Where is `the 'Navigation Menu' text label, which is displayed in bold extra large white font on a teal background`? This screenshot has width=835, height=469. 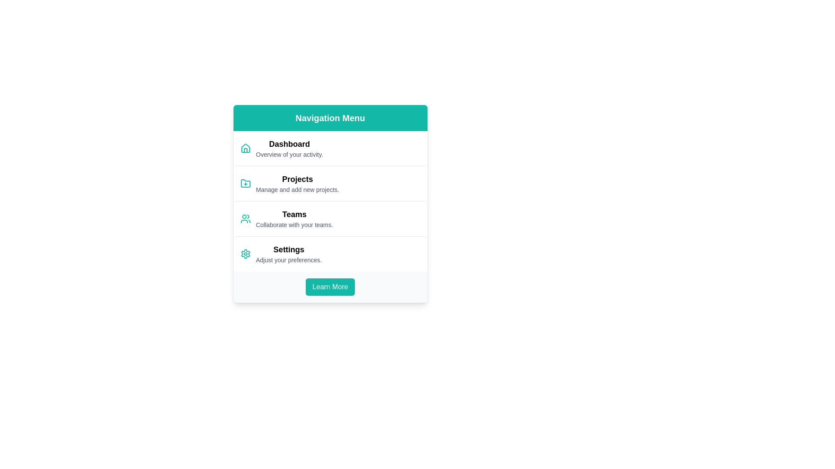
the 'Navigation Menu' text label, which is displayed in bold extra large white font on a teal background is located at coordinates (330, 118).